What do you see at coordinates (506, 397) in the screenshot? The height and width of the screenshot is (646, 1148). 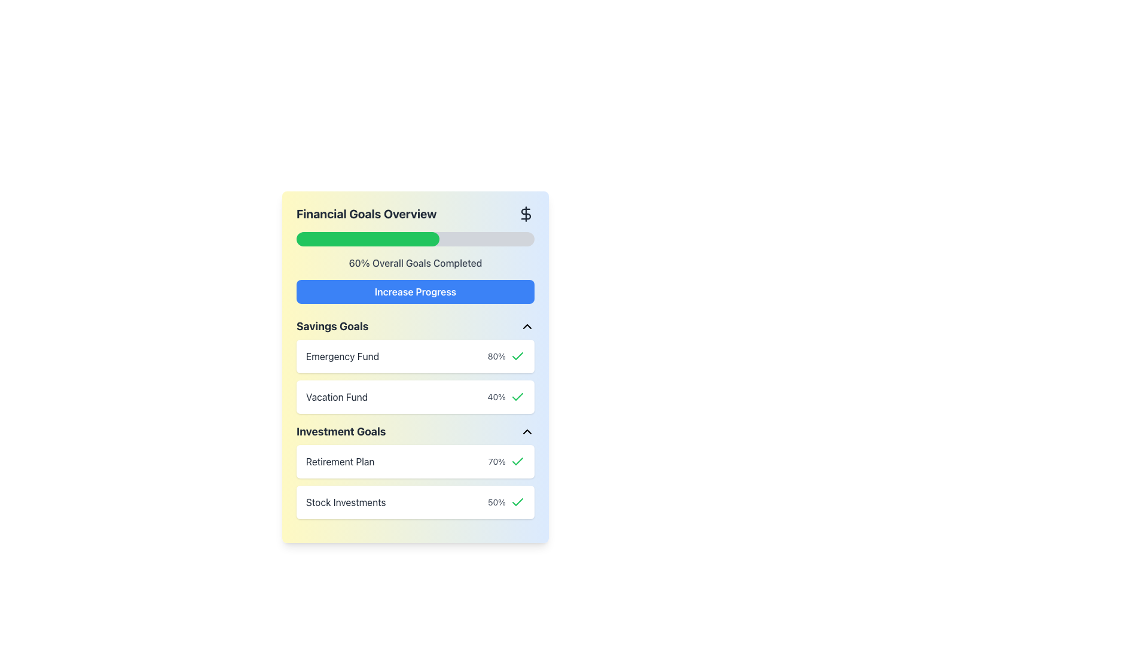 I see `the text display showing '40%' in gray color, located in the 'Vacation Fund' row of the 'Savings Goals' section, next to a green checkmark icon` at bounding box center [506, 397].